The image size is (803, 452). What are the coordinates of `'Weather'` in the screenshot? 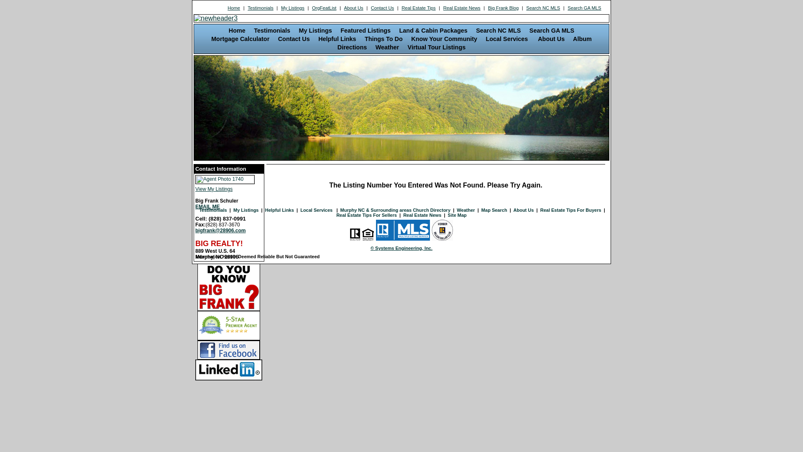 It's located at (465, 209).